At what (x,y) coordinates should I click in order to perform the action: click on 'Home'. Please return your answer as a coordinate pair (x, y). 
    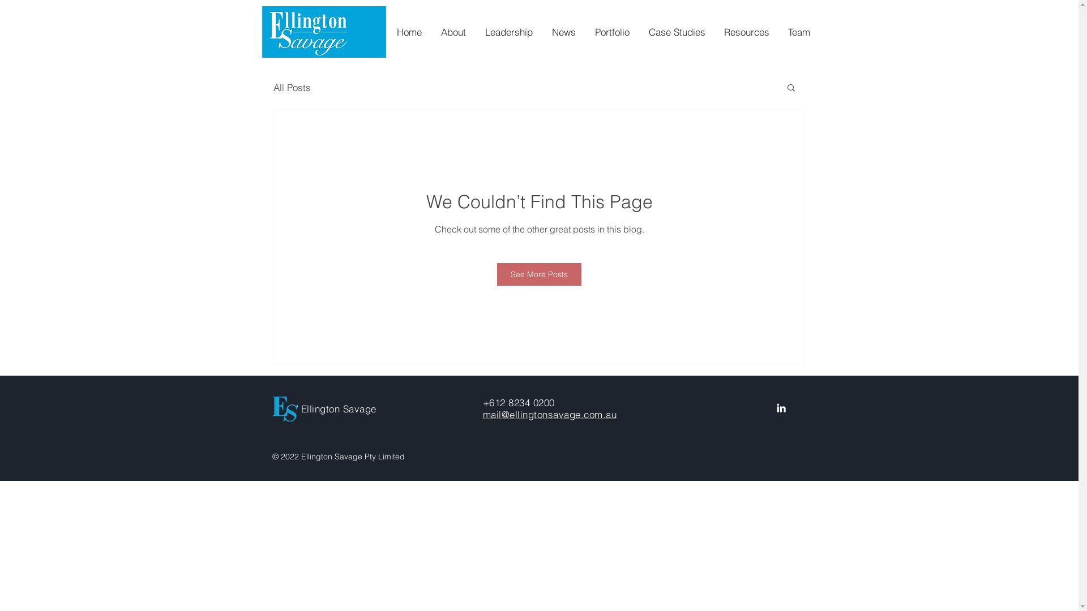
    Looking at the image, I should click on (408, 32).